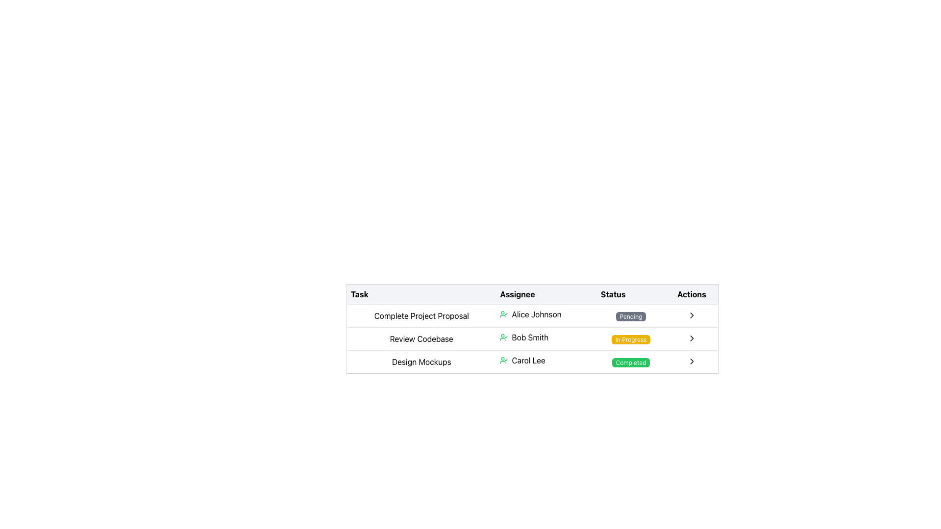 This screenshot has width=941, height=529. What do you see at coordinates (691, 362) in the screenshot?
I see `the rightward pointing chevron icon located in the 'Actions' column of the 'Design Mockups' row for navigation` at bounding box center [691, 362].